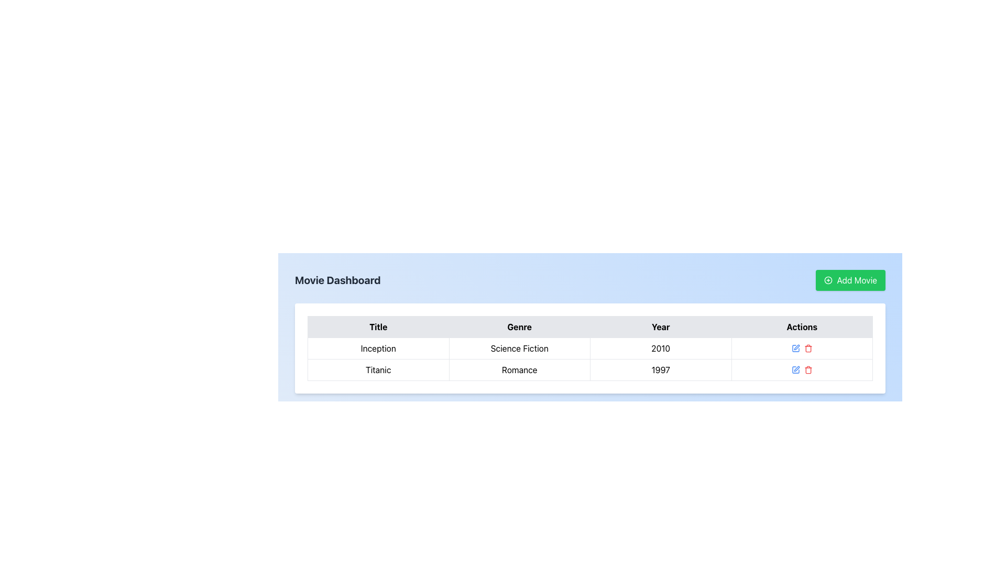  What do you see at coordinates (519, 369) in the screenshot?
I see `the static text element indicating the genre of the movie 'Titanic' located in the second row of the table under the 'Genre' column` at bounding box center [519, 369].